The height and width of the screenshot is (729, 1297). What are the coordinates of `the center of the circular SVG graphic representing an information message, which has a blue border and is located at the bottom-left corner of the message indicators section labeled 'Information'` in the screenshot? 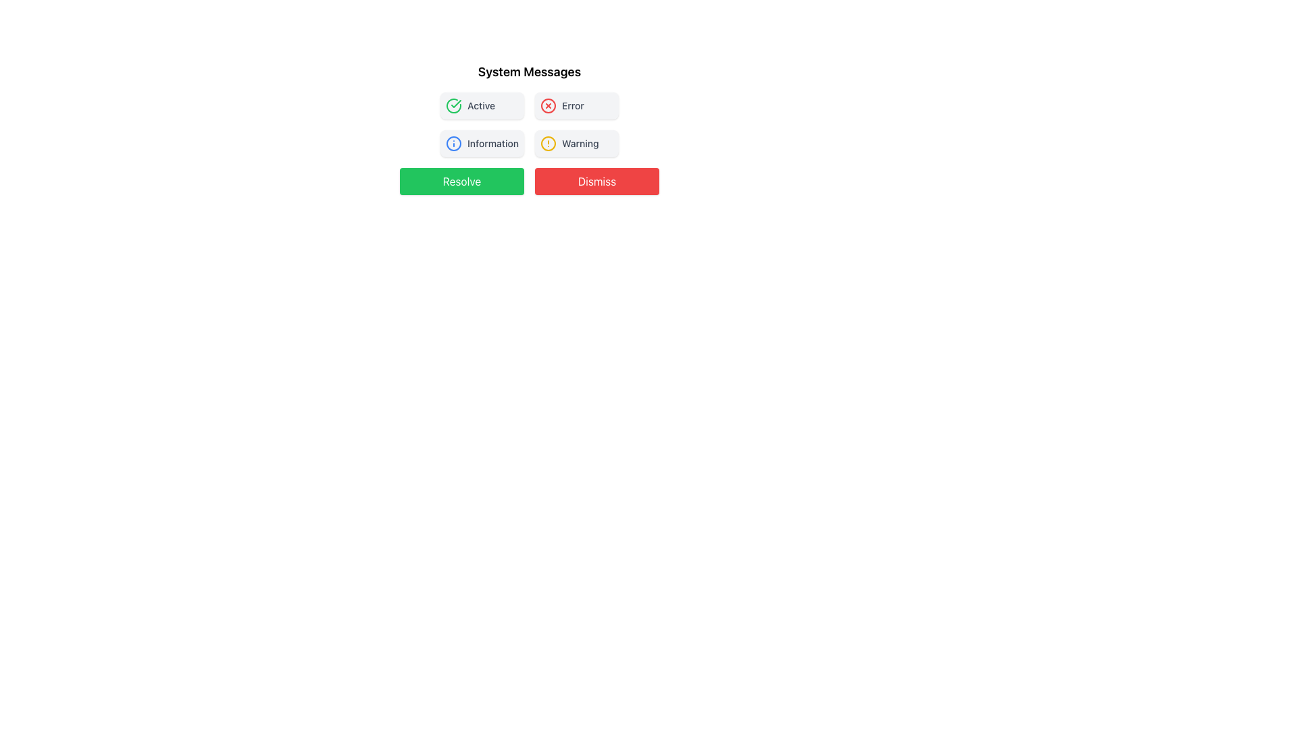 It's located at (454, 143).